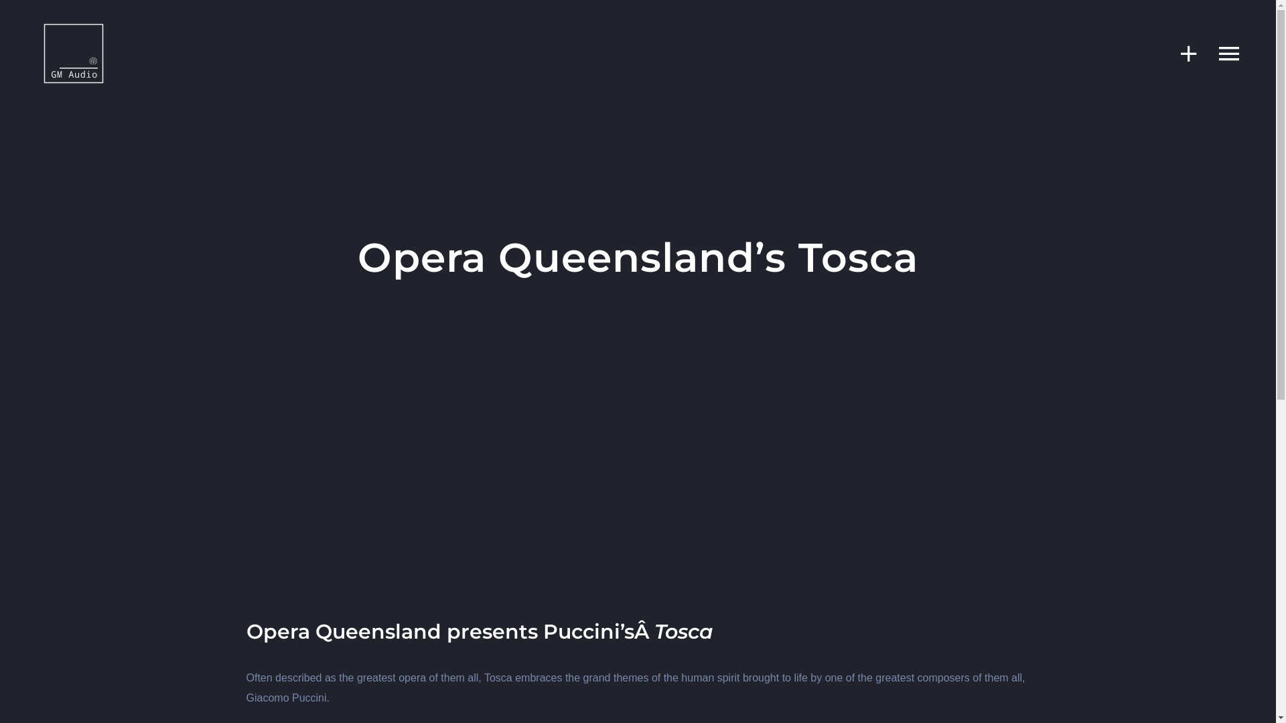  What do you see at coordinates (1161, 52) in the screenshot?
I see `'Toggle Sliding Bar'` at bounding box center [1161, 52].